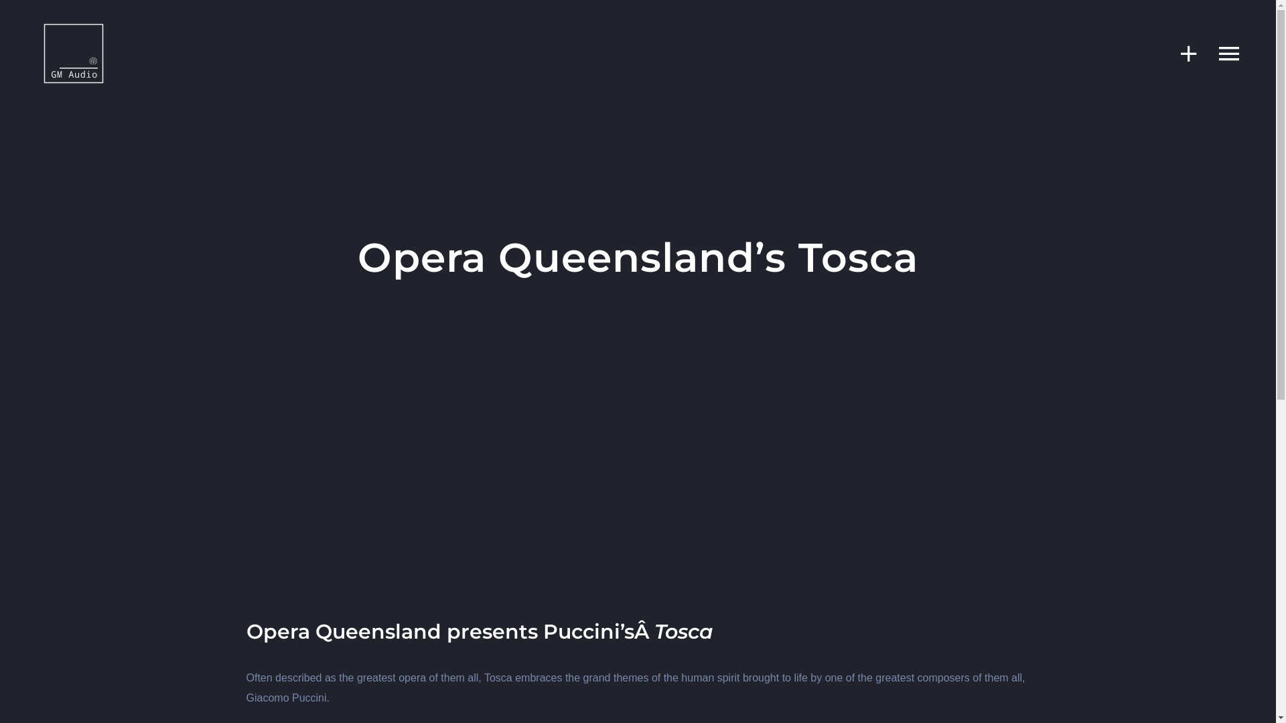  What do you see at coordinates (1161, 52) in the screenshot?
I see `'Toggle Sliding Bar'` at bounding box center [1161, 52].